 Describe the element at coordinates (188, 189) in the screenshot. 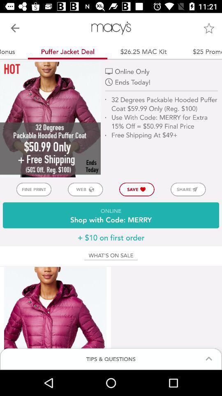

I see `the item next to the save icon` at that location.